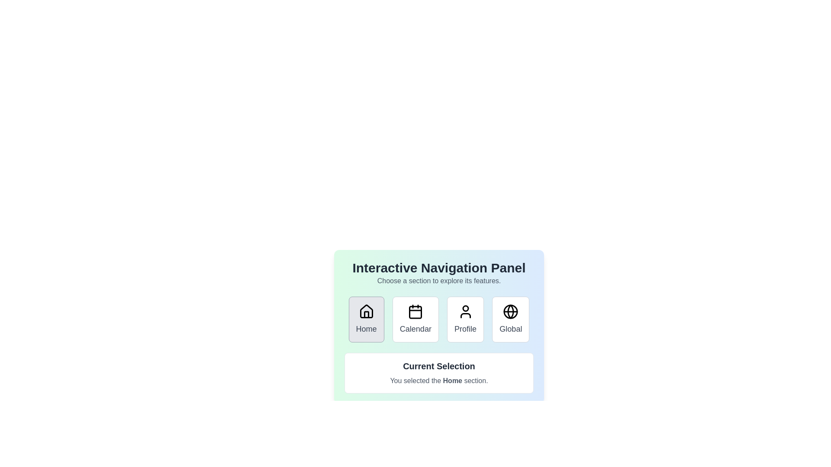  Describe the element at coordinates (465, 329) in the screenshot. I see `the 'Profile' text label in the navigation panel, which is styled with a larger bold font and gray color, indicating a section identifier` at that location.